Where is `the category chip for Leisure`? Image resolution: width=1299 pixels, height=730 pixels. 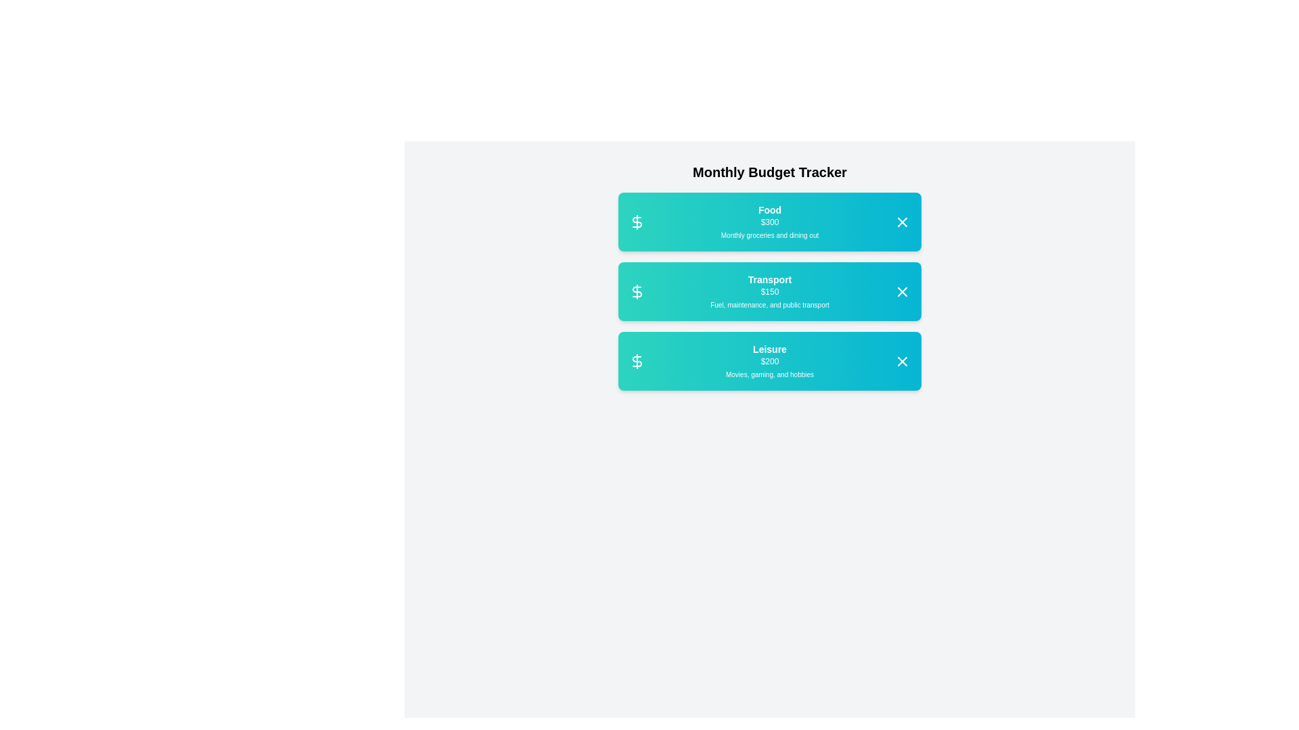
the category chip for Leisure is located at coordinates (769, 360).